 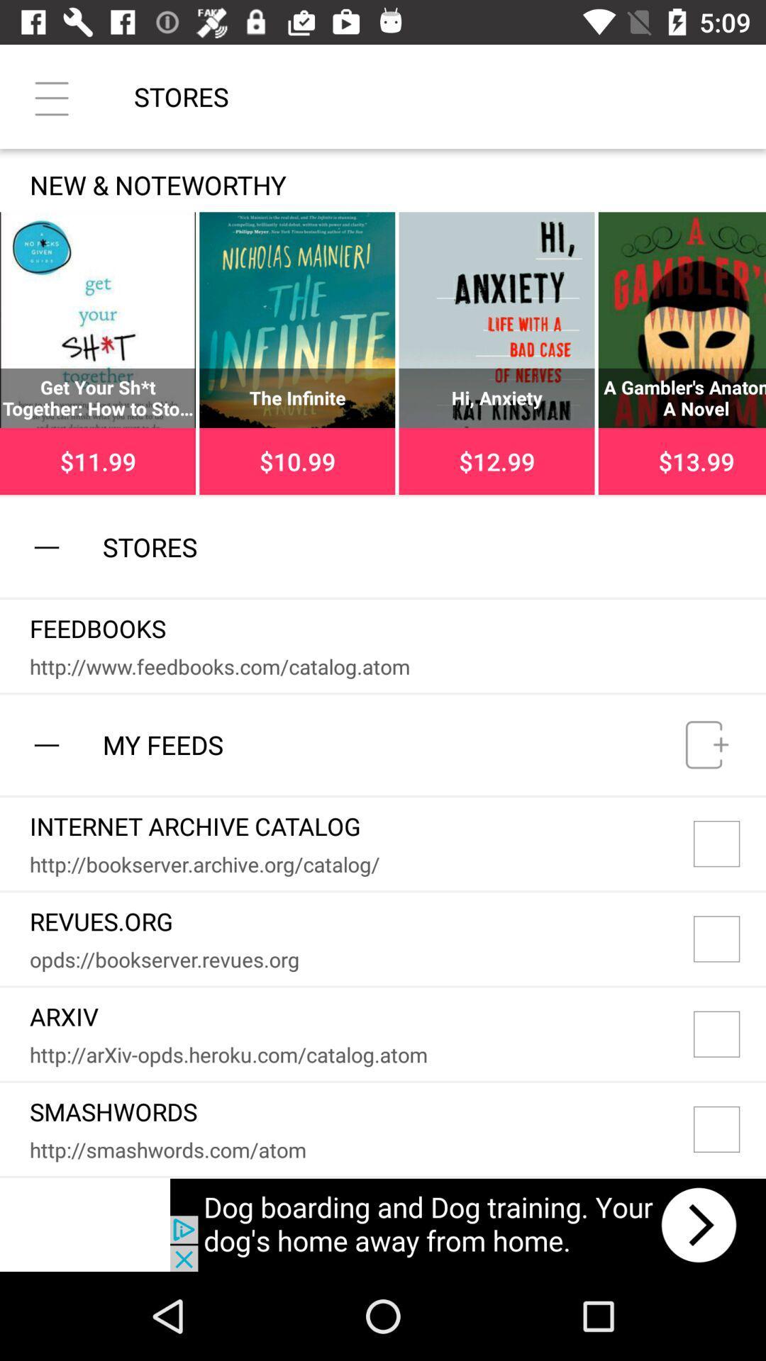 I want to click on third thumbnail, so click(x=496, y=353).